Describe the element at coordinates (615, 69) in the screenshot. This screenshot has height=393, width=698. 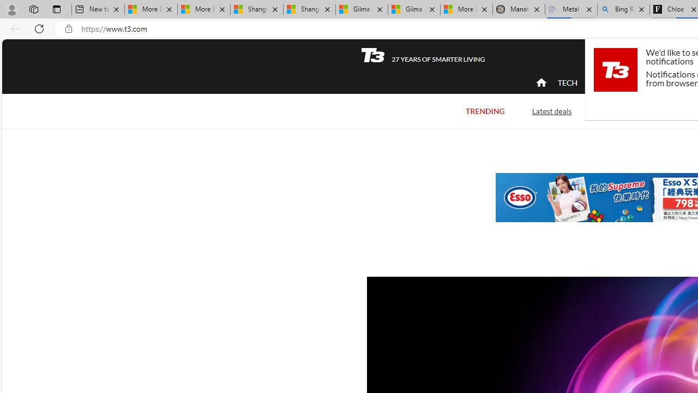
I see `'t3.com Logo'` at that location.